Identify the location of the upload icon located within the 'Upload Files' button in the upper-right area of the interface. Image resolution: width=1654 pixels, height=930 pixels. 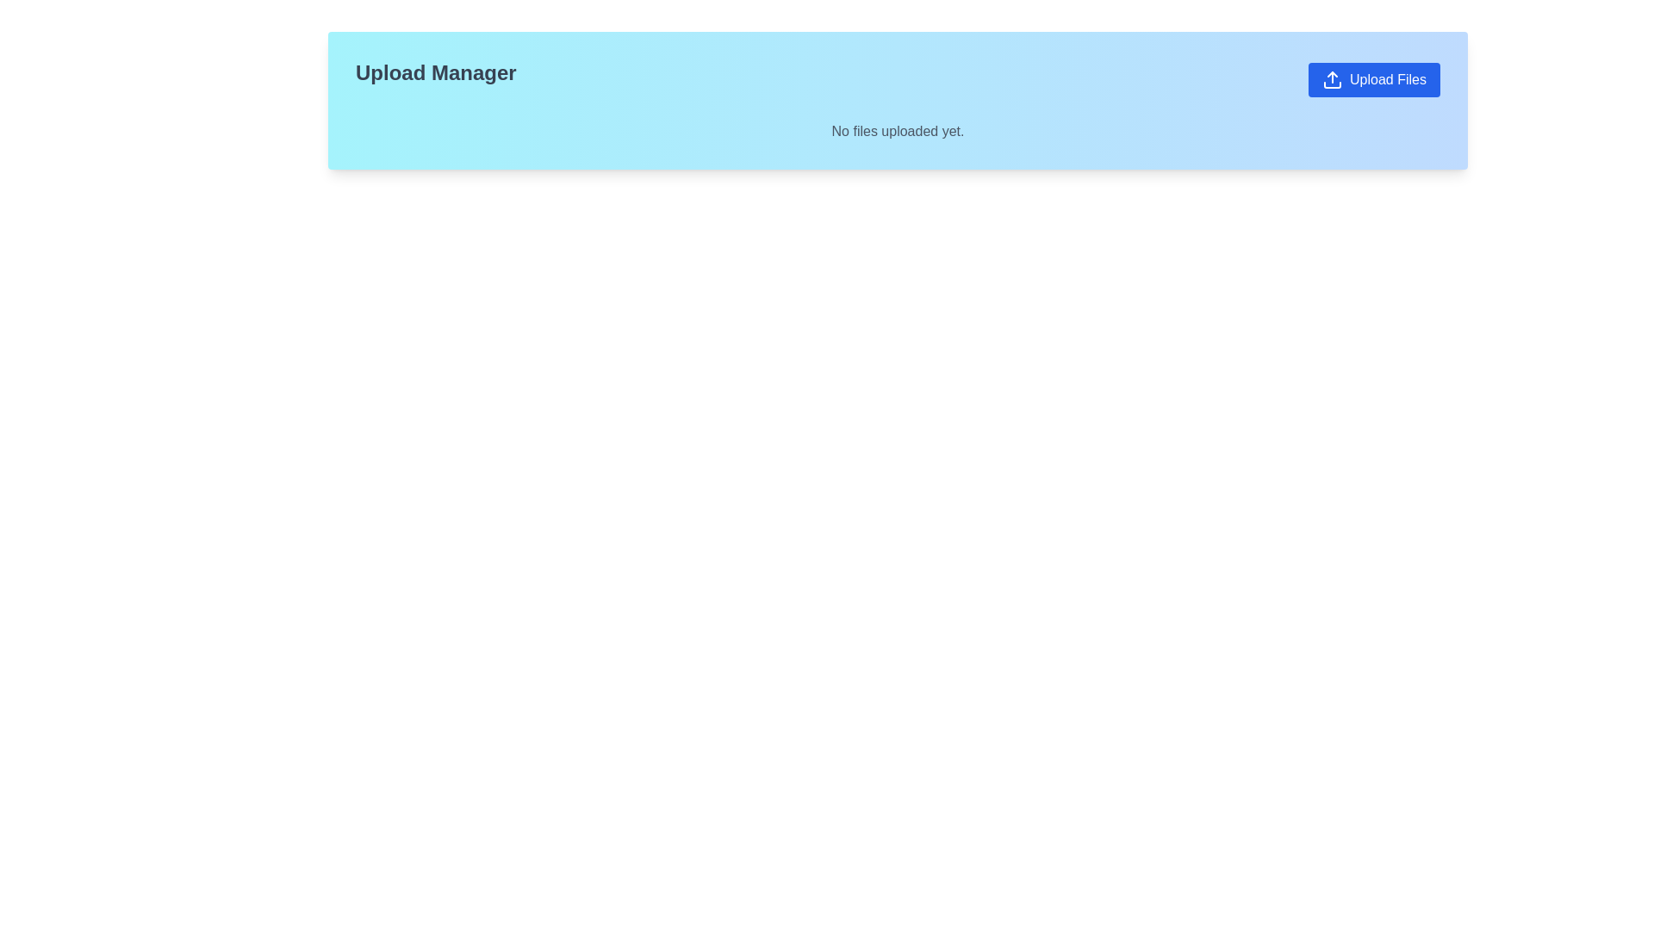
(1332, 79).